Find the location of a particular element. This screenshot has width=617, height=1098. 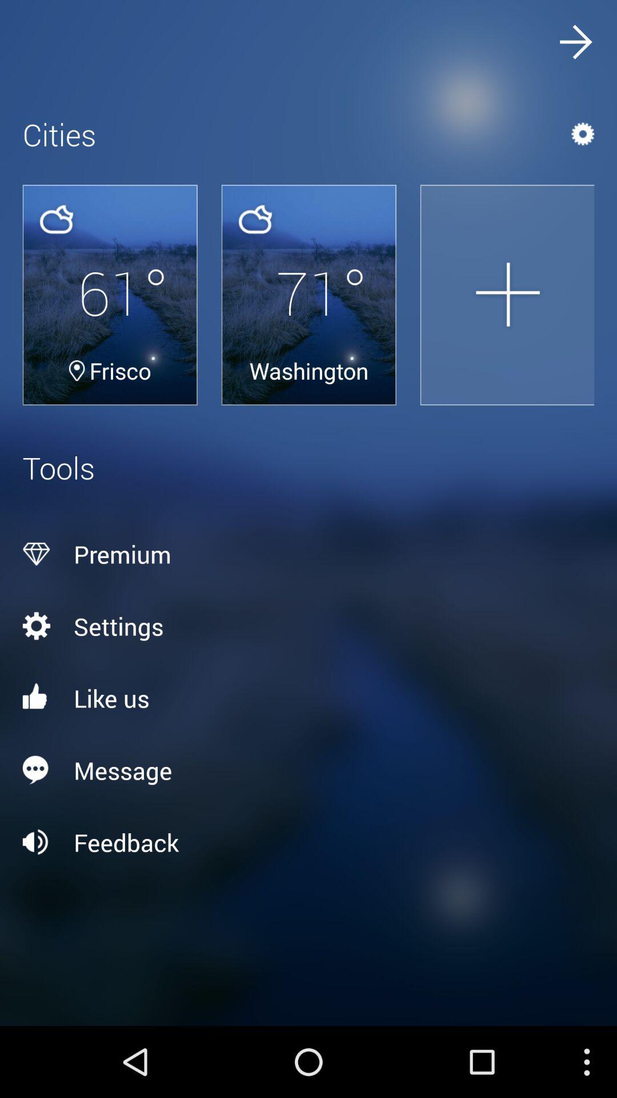

the cloud icon above the text 71 degrees on the web page is located at coordinates (254, 219).